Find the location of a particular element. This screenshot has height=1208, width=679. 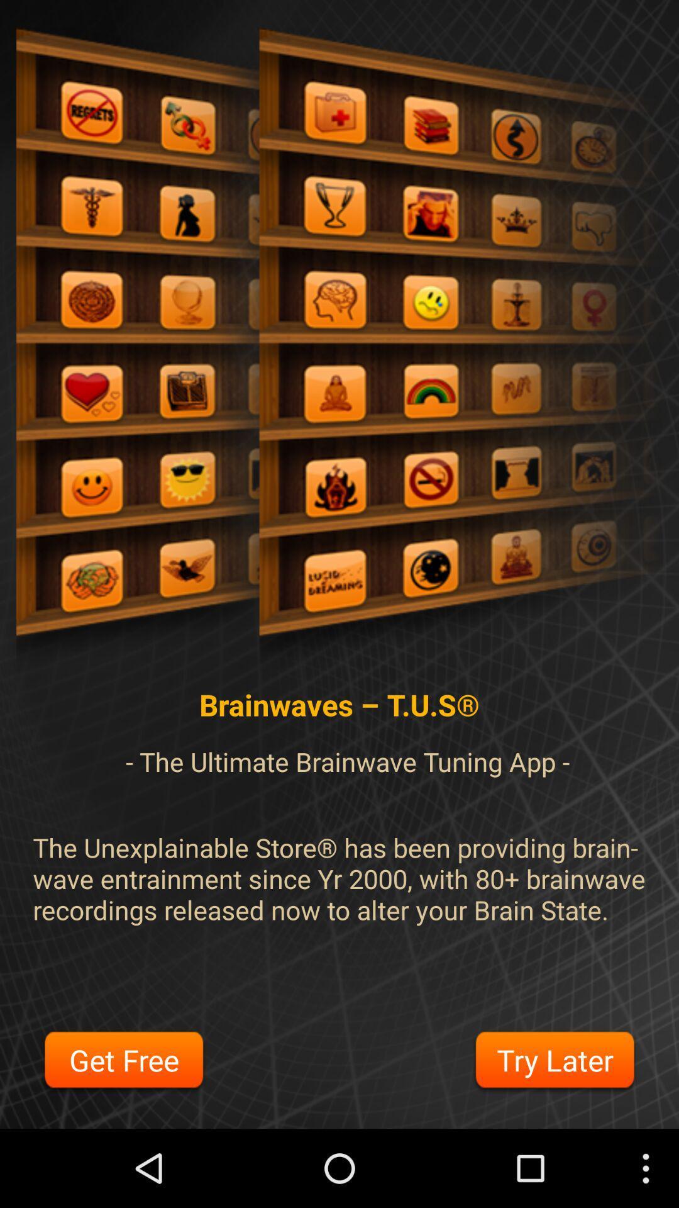

the try later at the bottom right corner is located at coordinates (554, 1062).